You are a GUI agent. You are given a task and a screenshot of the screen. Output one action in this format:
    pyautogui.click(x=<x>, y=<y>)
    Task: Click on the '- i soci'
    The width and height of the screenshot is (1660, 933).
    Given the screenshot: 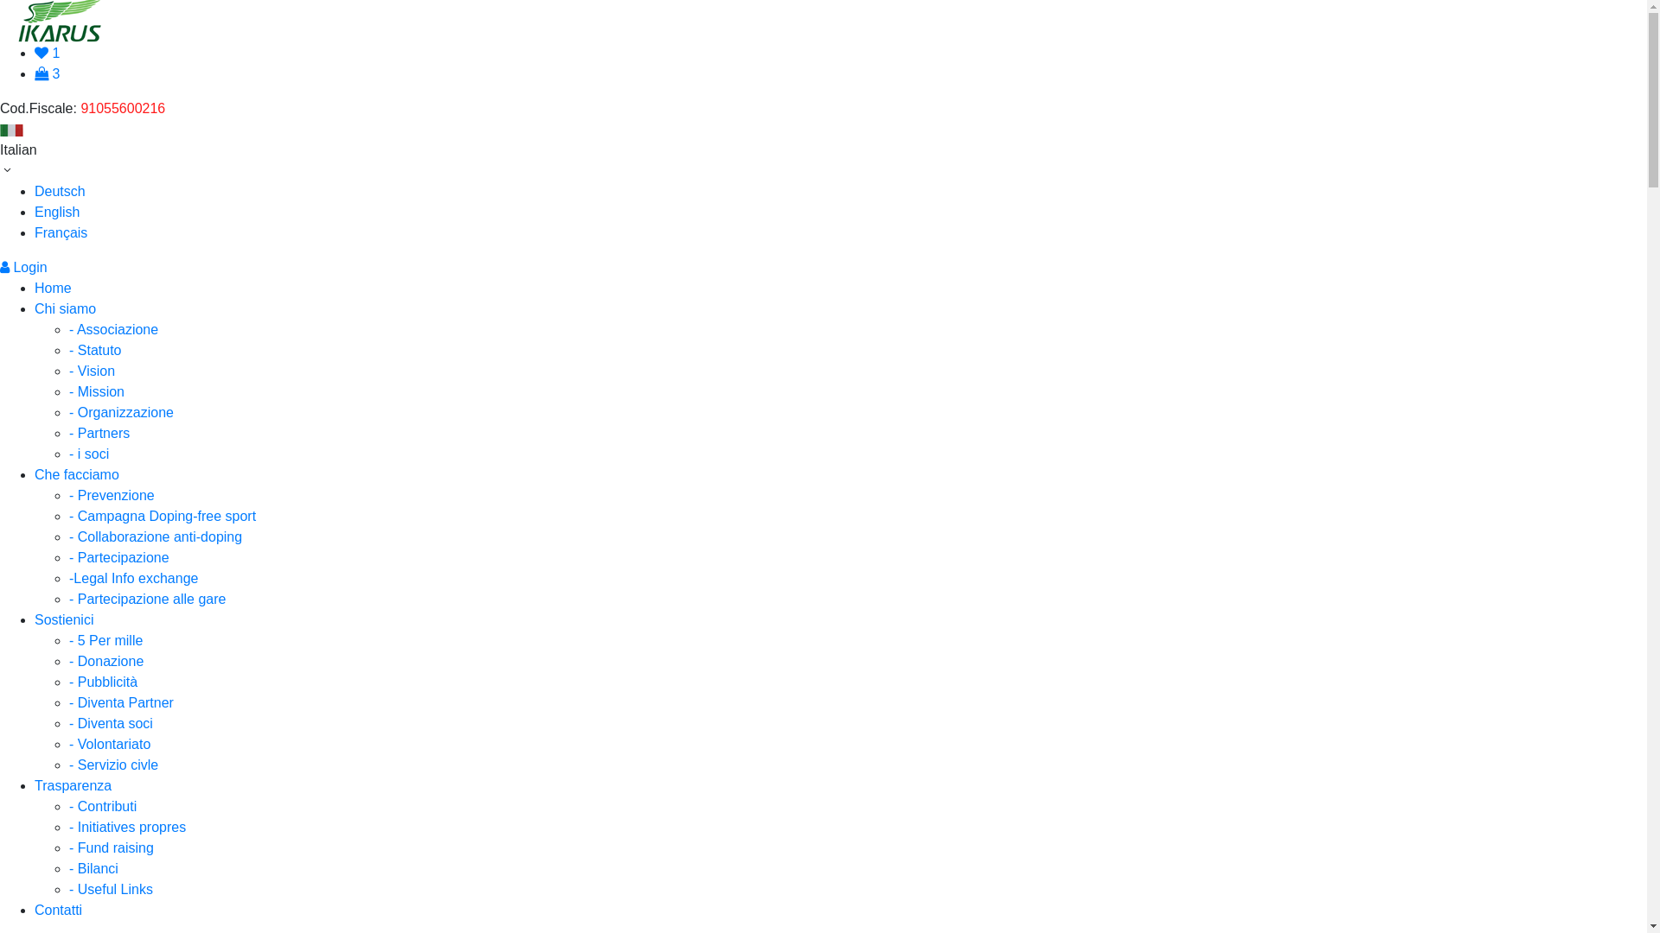 What is the action you would take?
    pyautogui.click(x=87, y=453)
    